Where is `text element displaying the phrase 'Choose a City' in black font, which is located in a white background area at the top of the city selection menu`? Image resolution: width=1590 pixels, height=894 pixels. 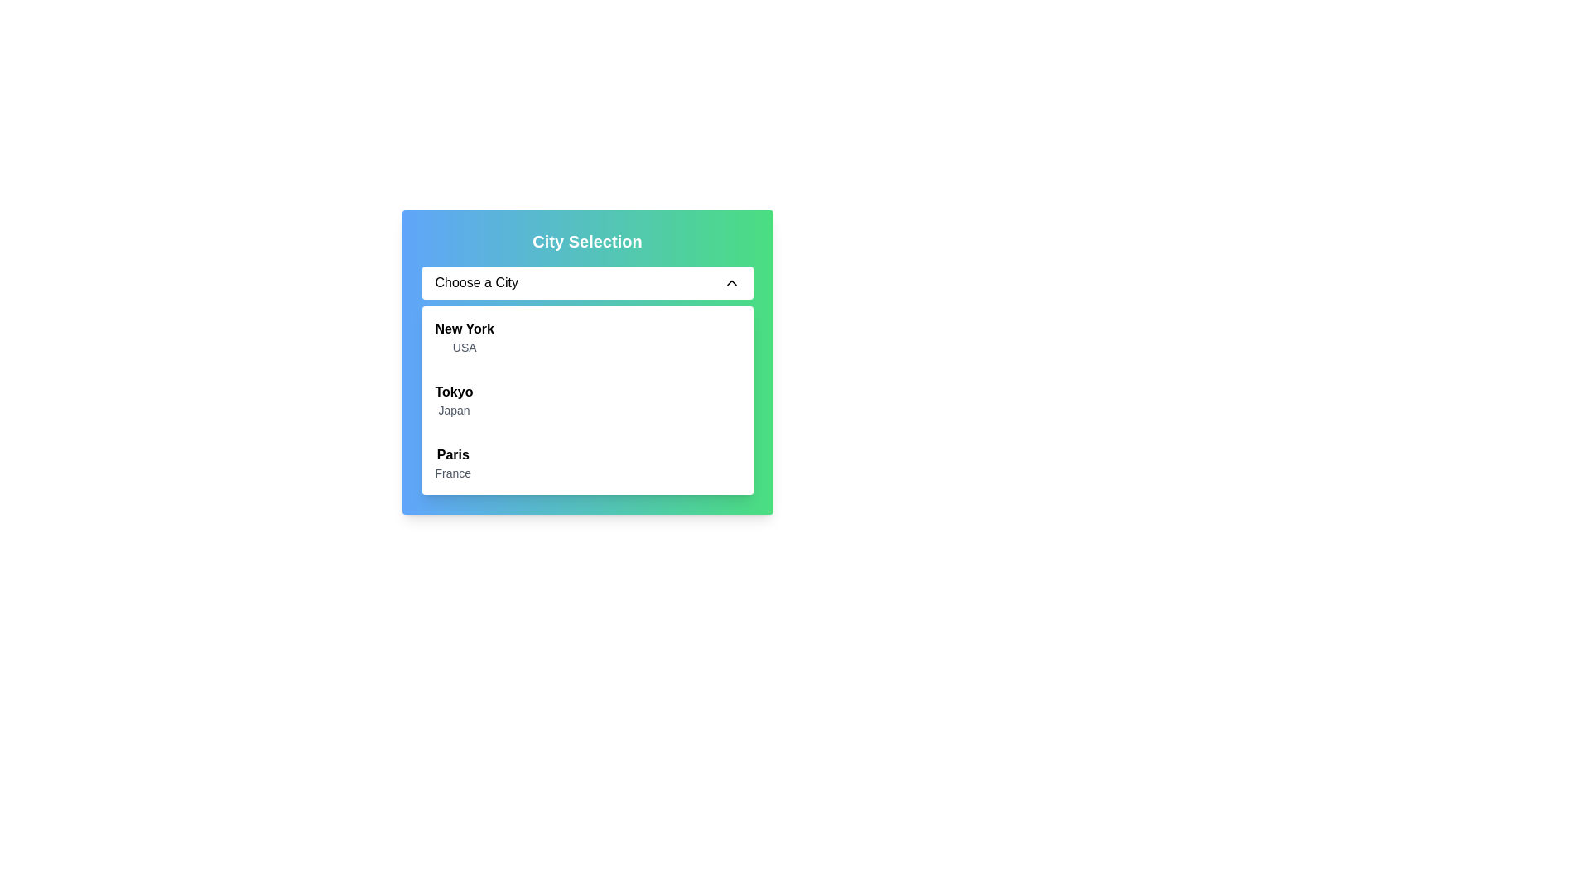
text element displaying the phrase 'Choose a City' in black font, which is located in a white background area at the top of the city selection menu is located at coordinates (475, 282).